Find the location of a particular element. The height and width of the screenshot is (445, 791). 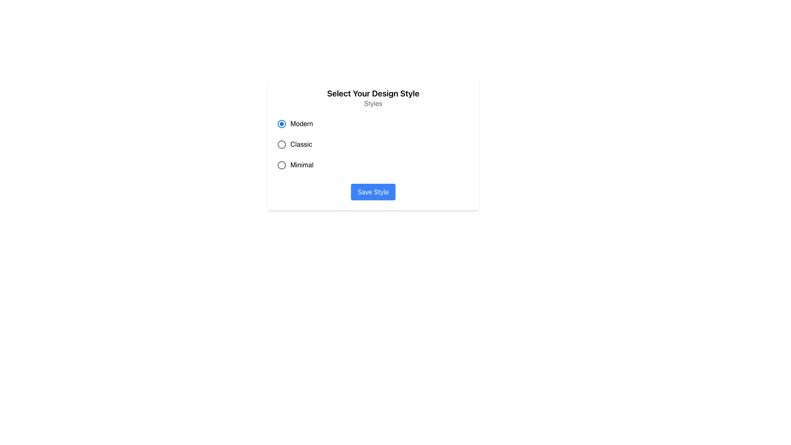

the text label reading 'Minimal' which is aligned to the right of a radio button in the group of radio-button options, specifically the last option below 'Classic' is located at coordinates (302, 165).